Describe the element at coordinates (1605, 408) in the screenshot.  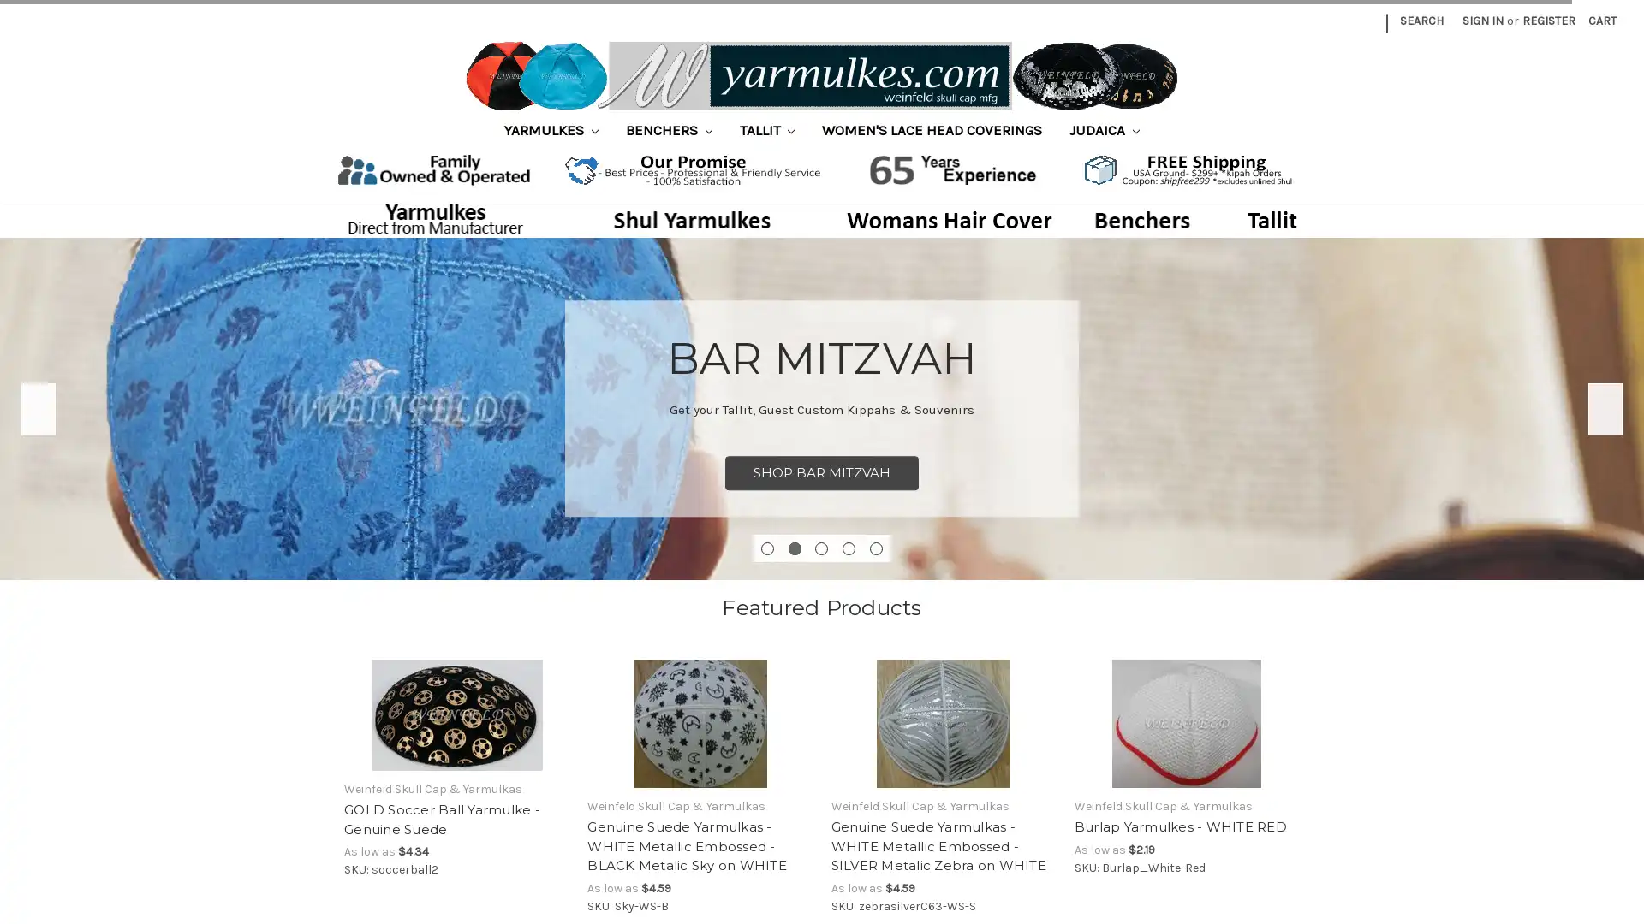
I see `next` at that location.